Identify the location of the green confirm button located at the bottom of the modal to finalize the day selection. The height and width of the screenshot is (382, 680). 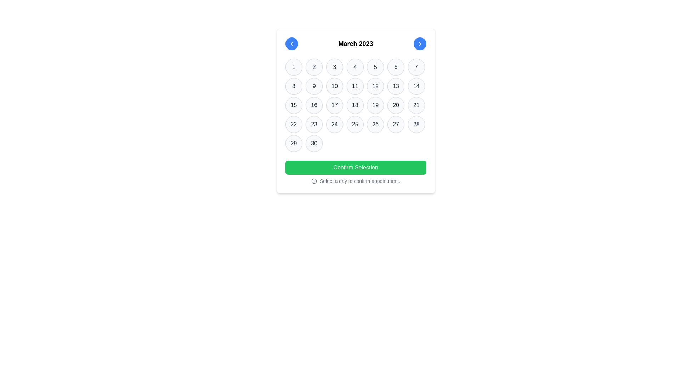
(356, 173).